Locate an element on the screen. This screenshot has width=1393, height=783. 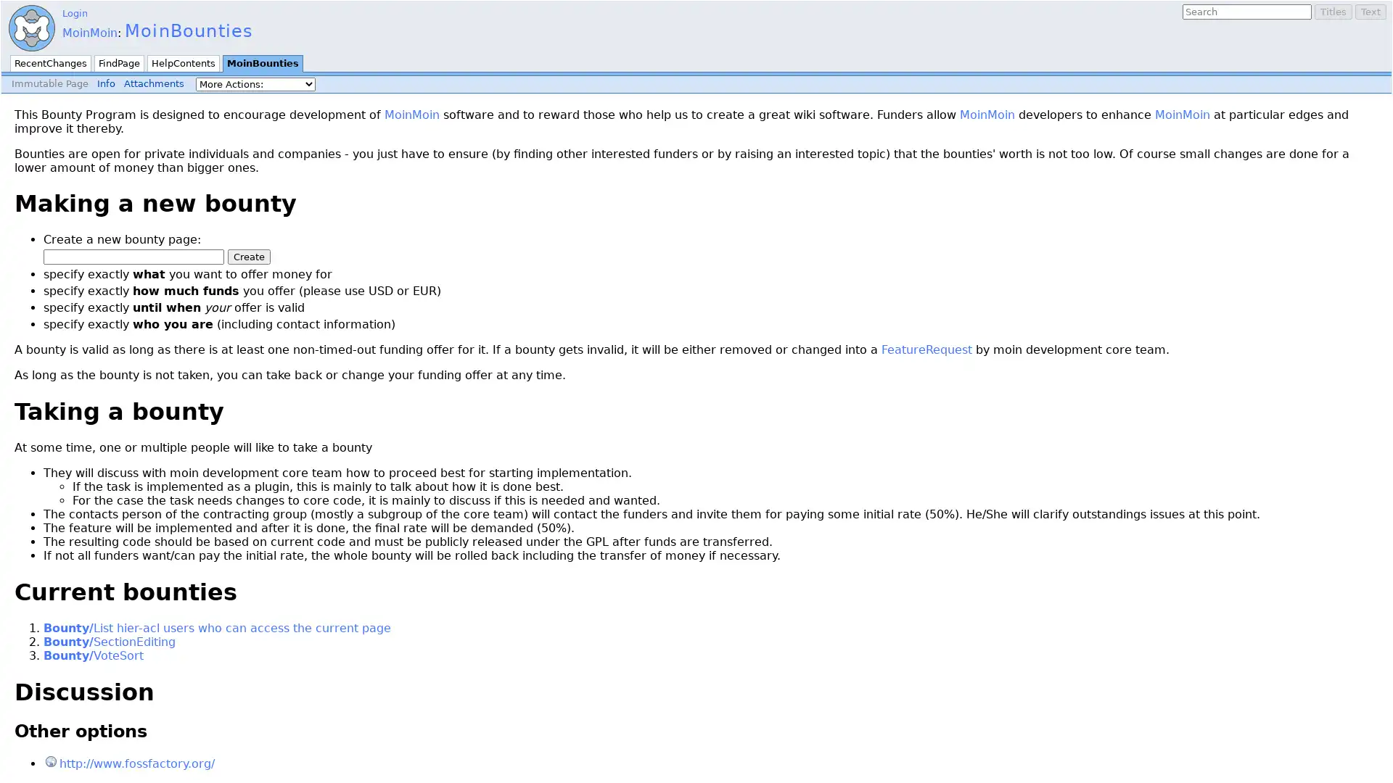
Text is located at coordinates (1370, 12).